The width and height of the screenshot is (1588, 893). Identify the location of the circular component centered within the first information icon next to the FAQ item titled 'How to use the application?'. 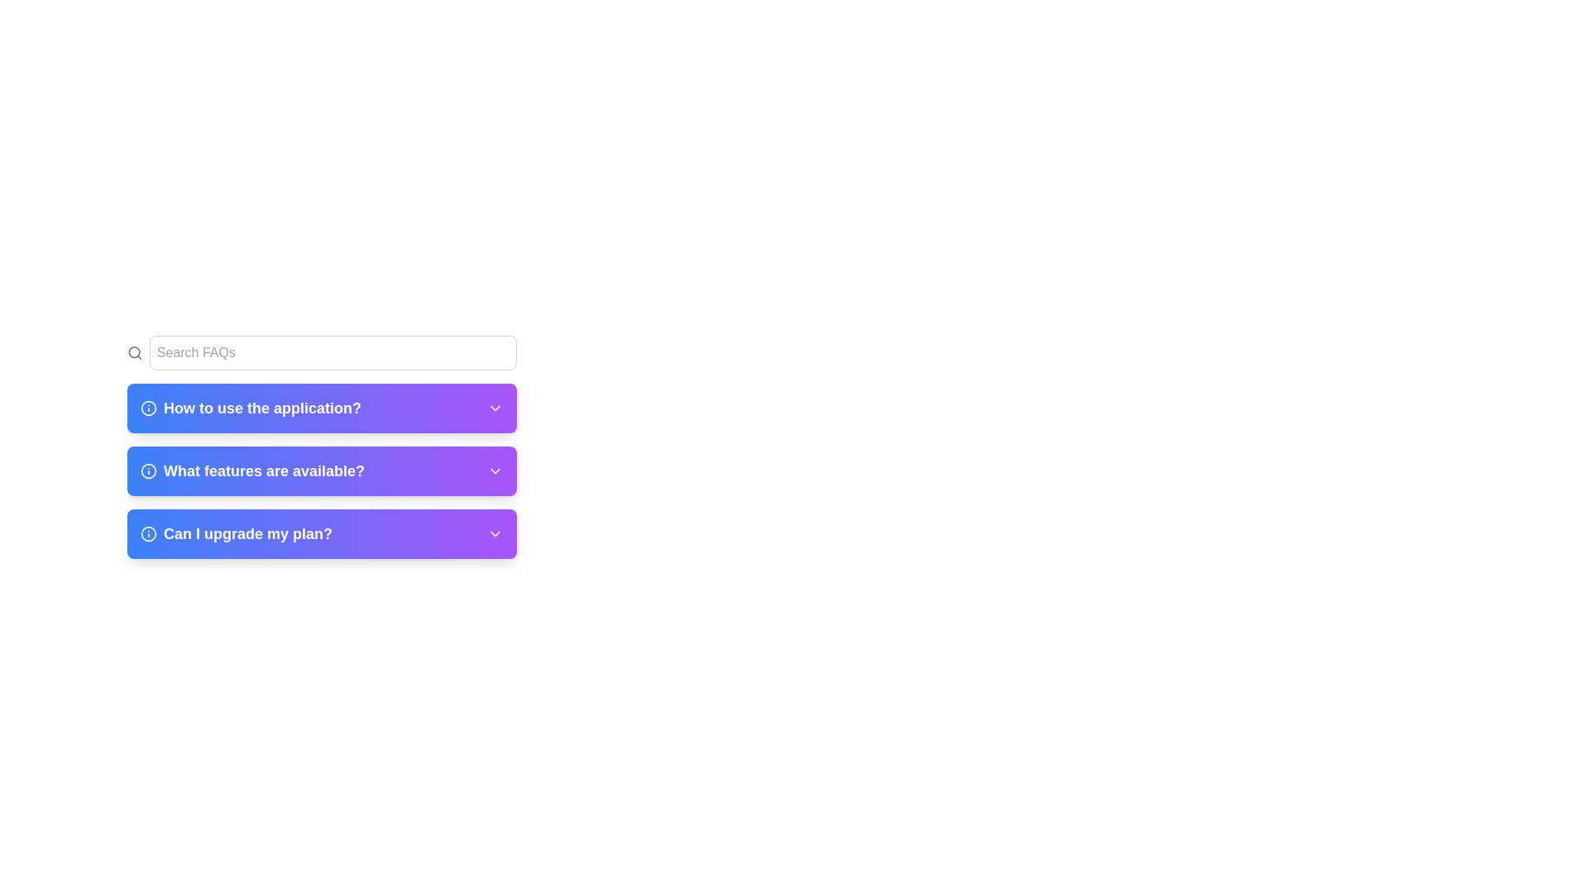
(149, 408).